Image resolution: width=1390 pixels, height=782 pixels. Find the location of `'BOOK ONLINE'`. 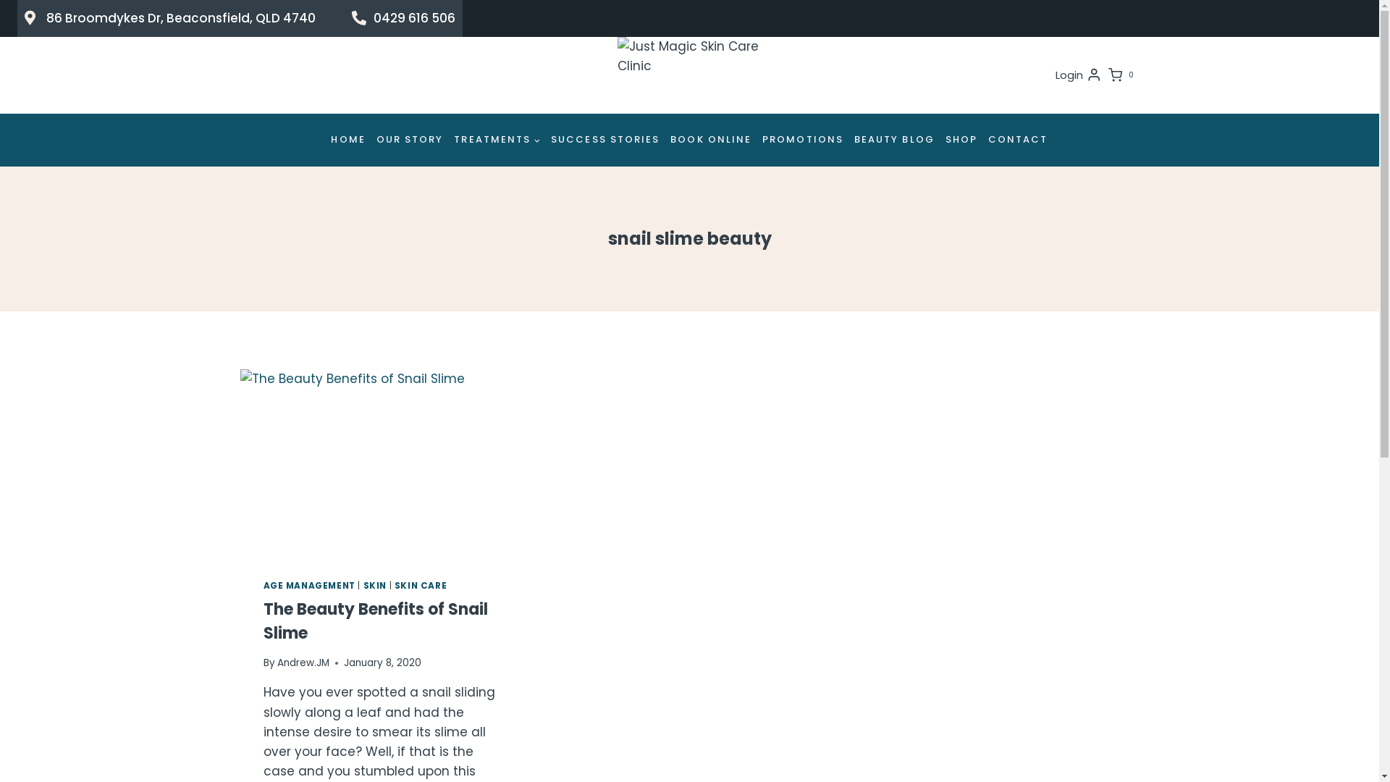

'BOOK ONLINE' is located at coordinates (711, 140).